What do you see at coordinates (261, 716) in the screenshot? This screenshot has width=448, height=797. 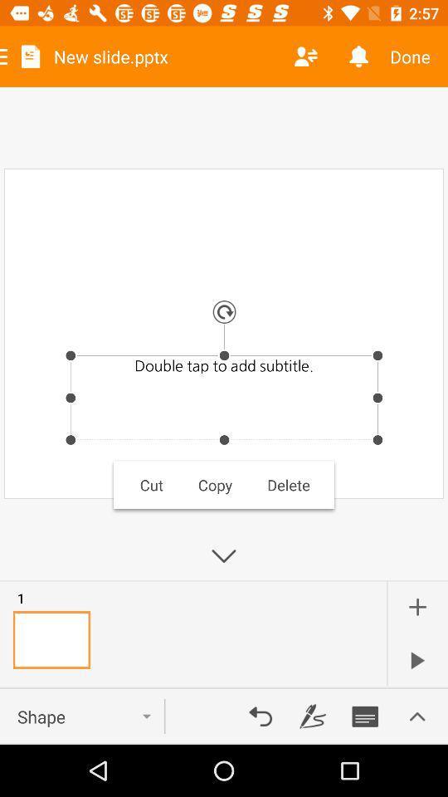 I see `the undo icon` at bounding box center [261, 716].